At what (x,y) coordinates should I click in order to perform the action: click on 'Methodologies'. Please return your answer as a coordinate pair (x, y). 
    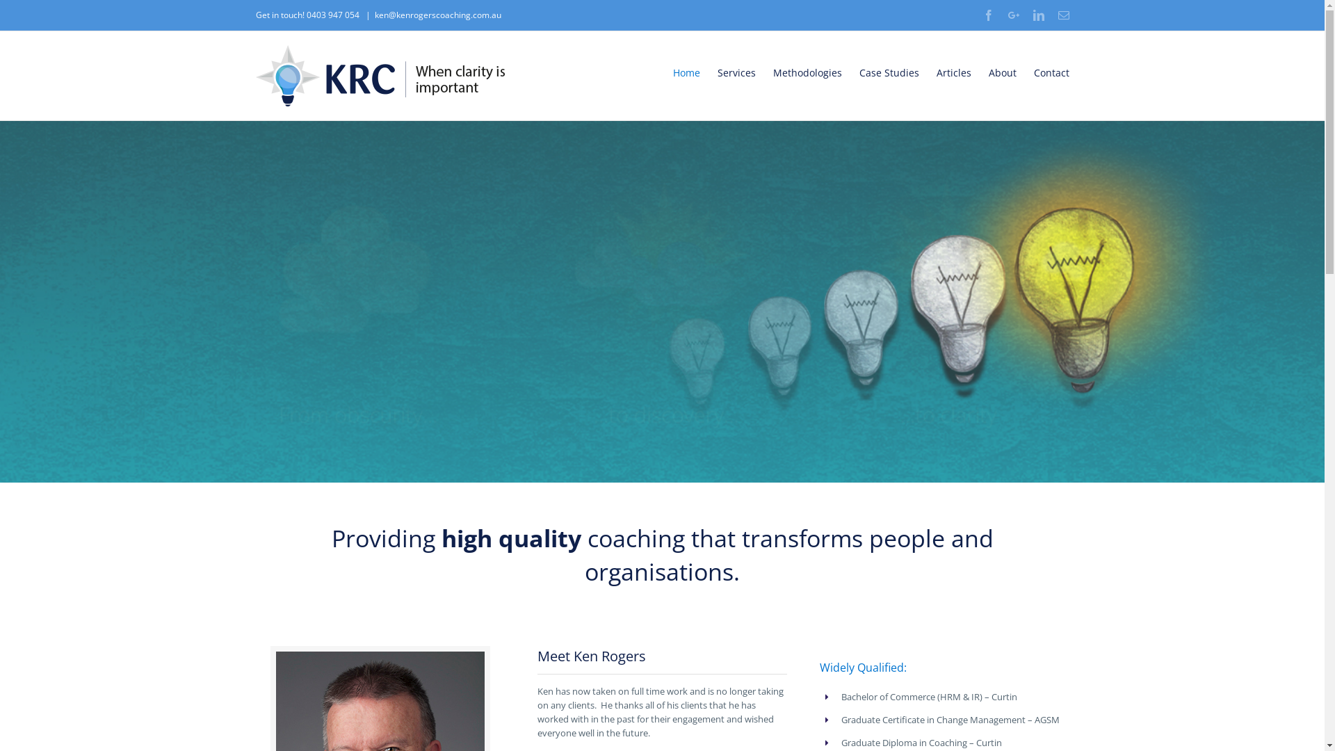
    Looking at the image, I should click on (807, 72).